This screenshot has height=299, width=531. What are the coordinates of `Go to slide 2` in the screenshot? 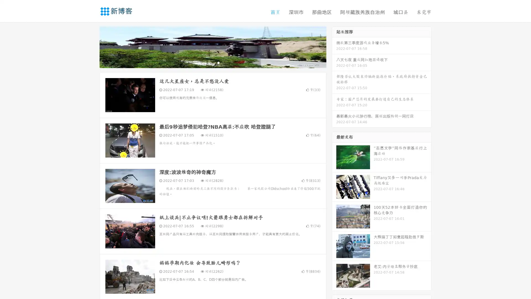 It's located at (212, 62).